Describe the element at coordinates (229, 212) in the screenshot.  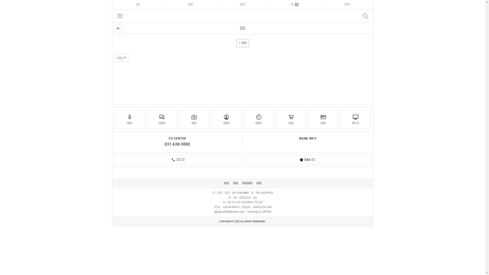
I see `'glss2000@naver.com'` at that location.